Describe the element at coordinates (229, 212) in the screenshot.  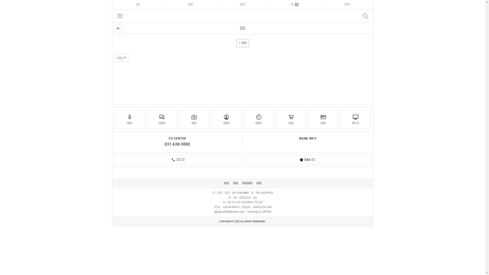
I see `'glss2000@naver.com'` at that location.